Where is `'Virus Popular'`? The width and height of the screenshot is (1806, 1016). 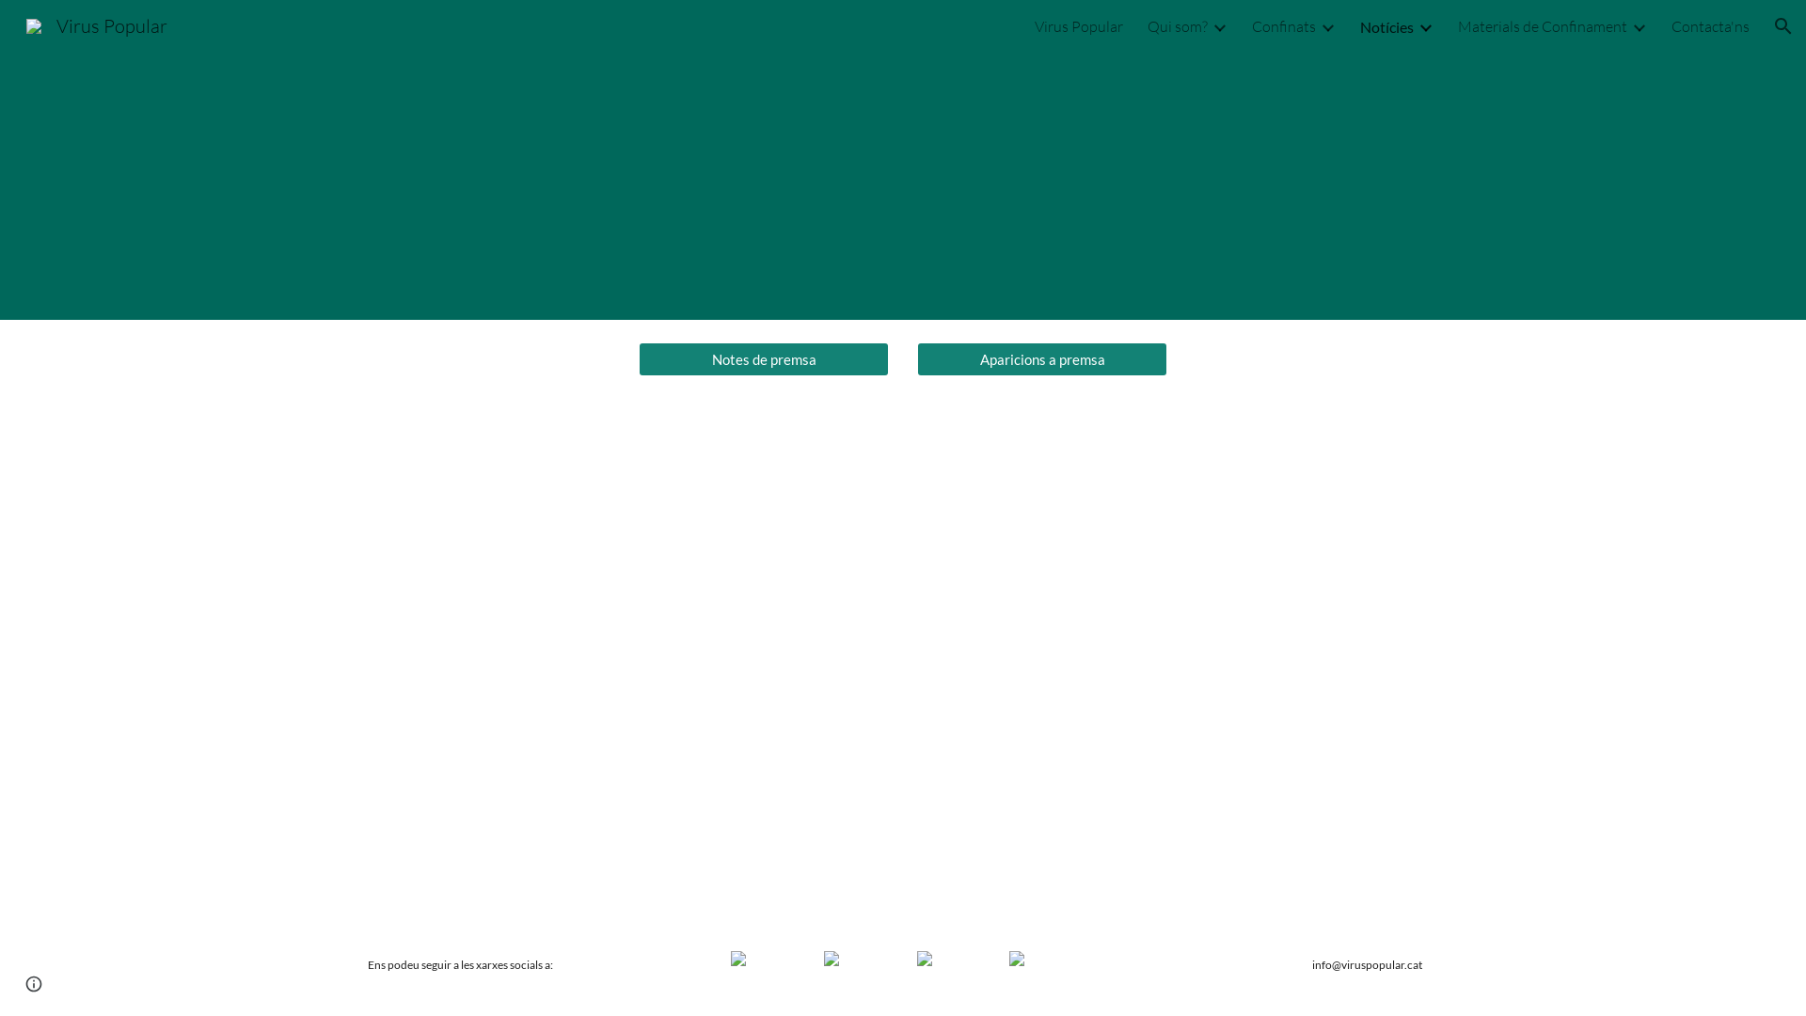 'Virus Popular' is located at coordinates (95, 24).